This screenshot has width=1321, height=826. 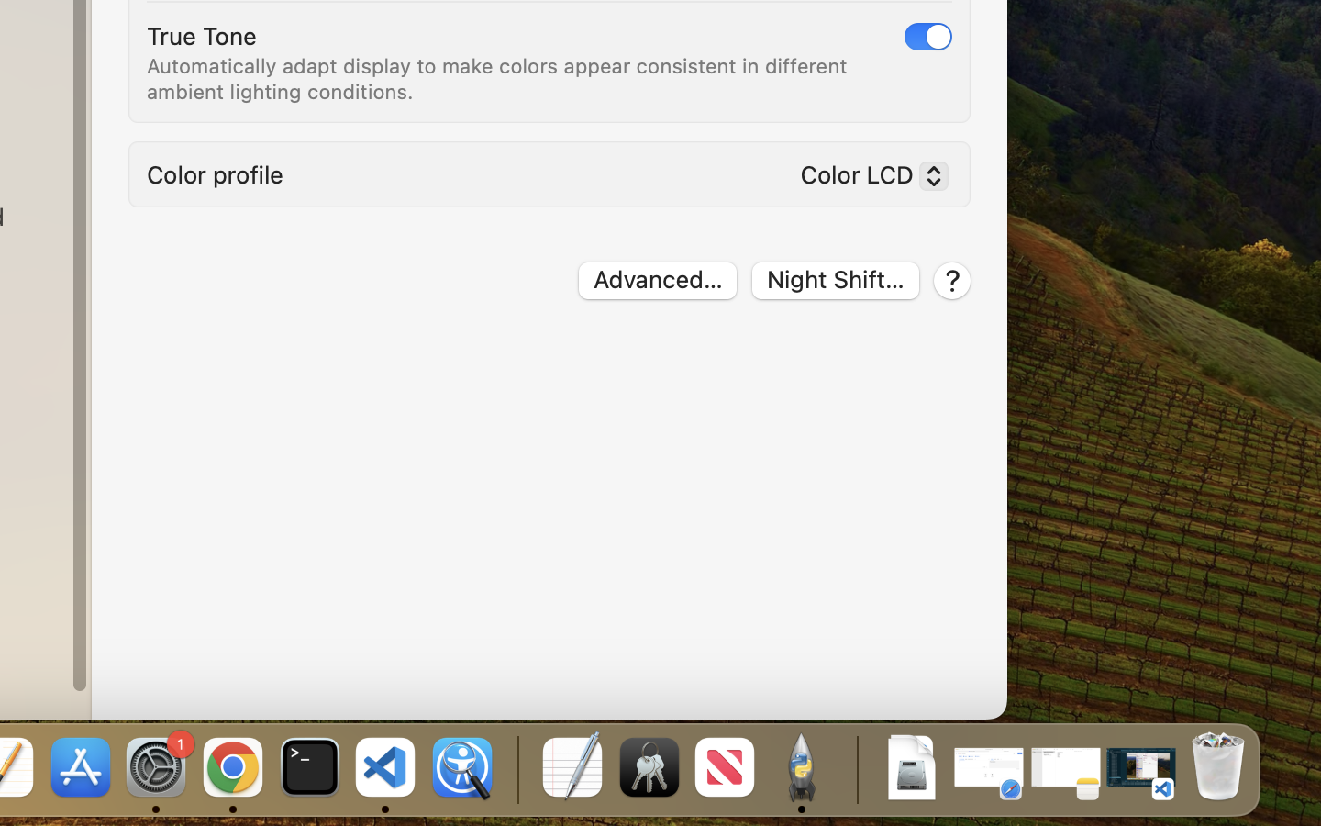 What do you see at coordinates (866, 179) in the screenshot?
I see `'Color LCD'` at bounding box center [866, 179].